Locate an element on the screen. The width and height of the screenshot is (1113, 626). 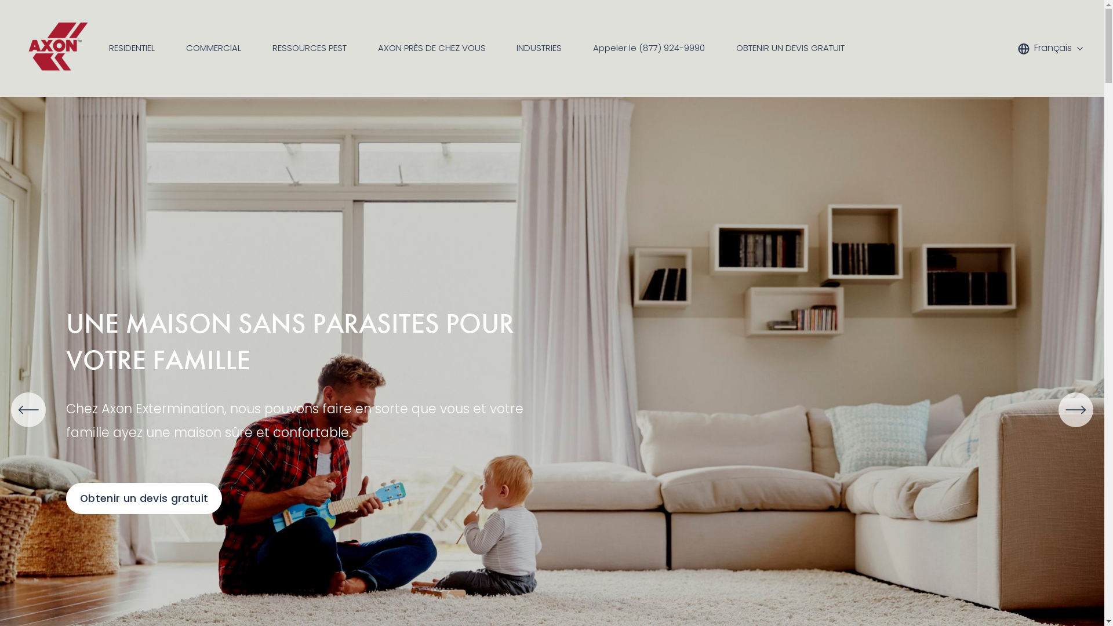
'COMMERCIAL' is located at coordinates (213, 48).